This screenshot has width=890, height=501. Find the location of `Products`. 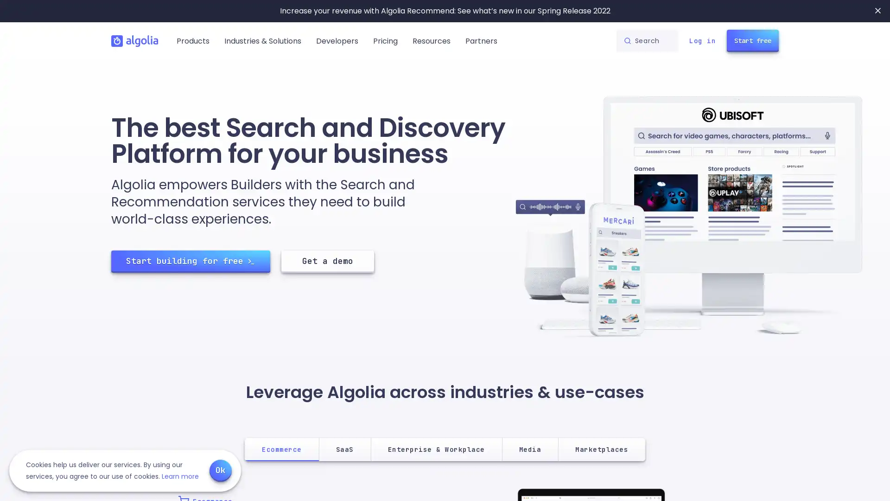

Products is located at coordinates (196, 40).